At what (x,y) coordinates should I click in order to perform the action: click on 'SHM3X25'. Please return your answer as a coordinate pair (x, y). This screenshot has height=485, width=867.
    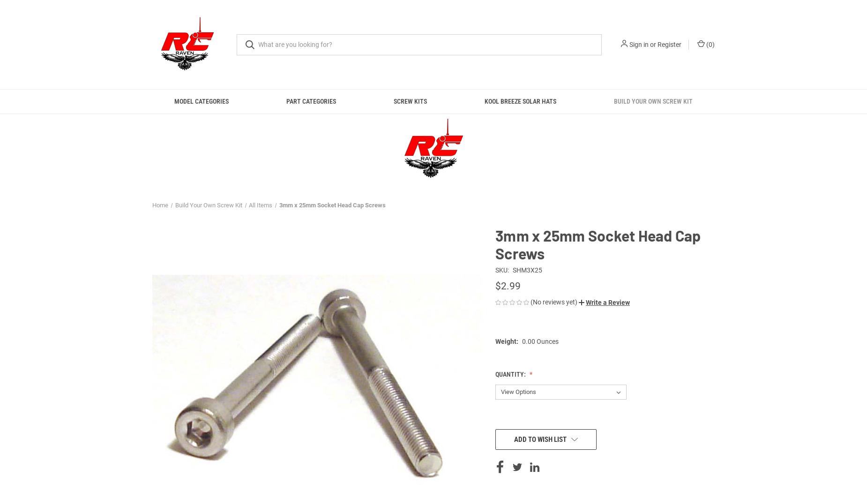
    Looking at the image, I should click on (511, 270).